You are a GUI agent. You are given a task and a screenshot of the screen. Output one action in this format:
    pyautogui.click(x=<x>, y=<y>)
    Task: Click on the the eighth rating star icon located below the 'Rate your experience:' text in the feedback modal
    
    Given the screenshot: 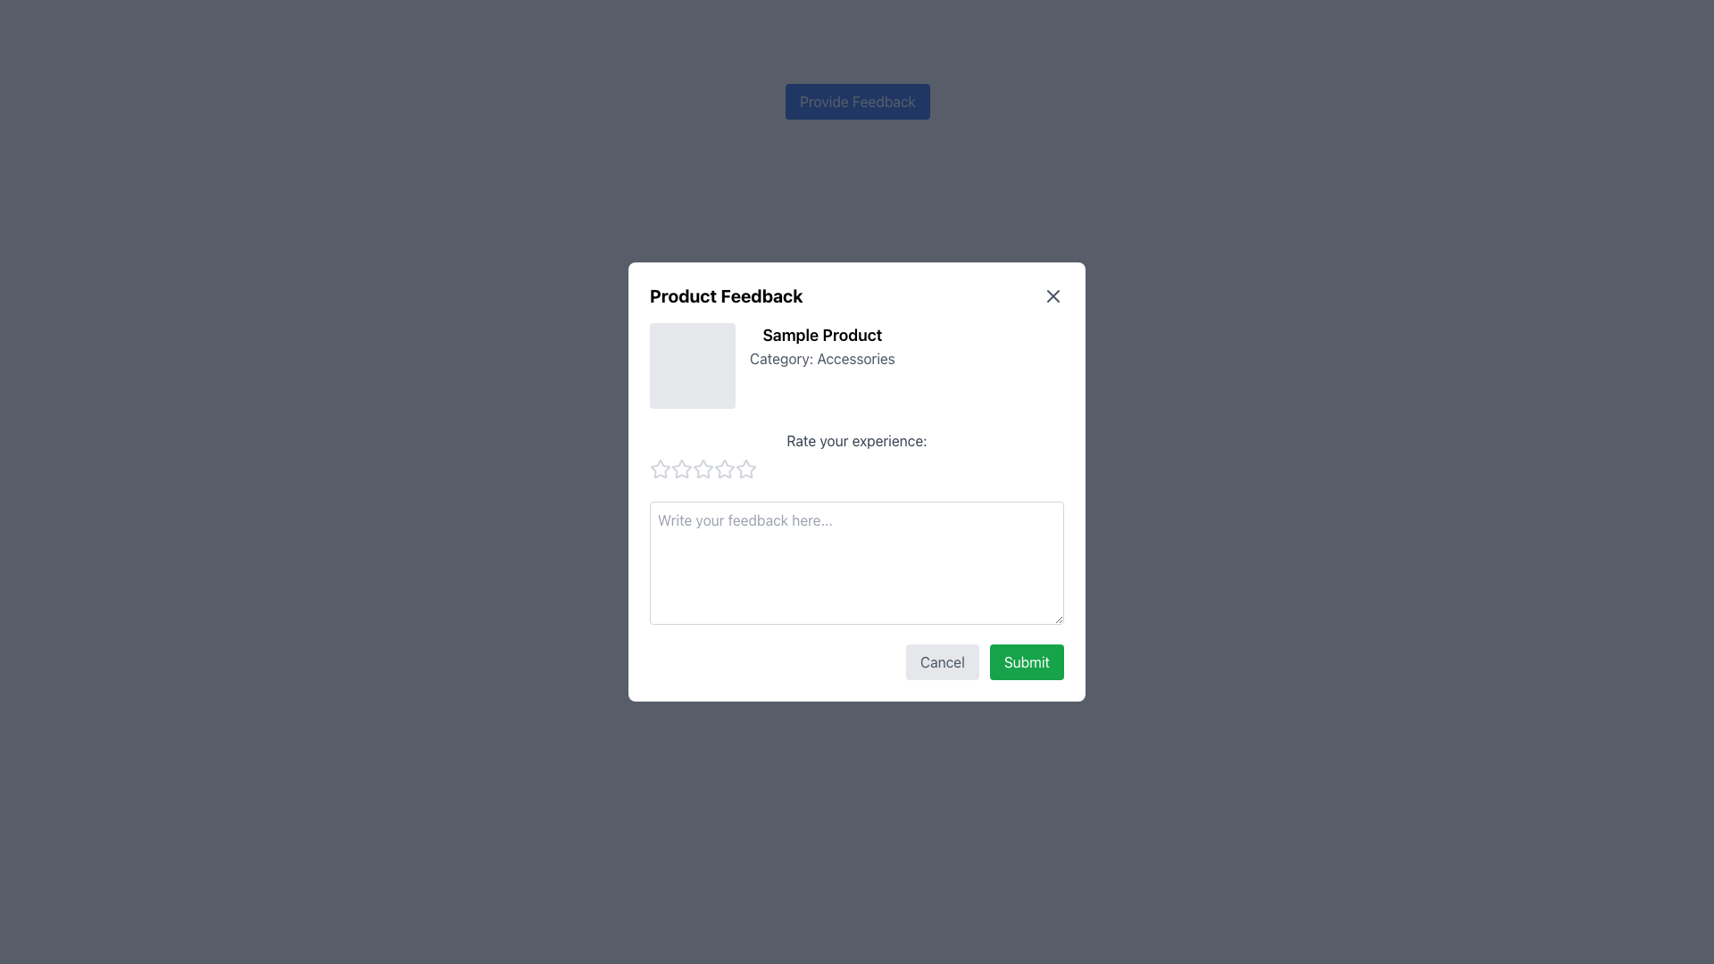 What is the action you would take?
    pyautogui.click(x=745, y=468)
    